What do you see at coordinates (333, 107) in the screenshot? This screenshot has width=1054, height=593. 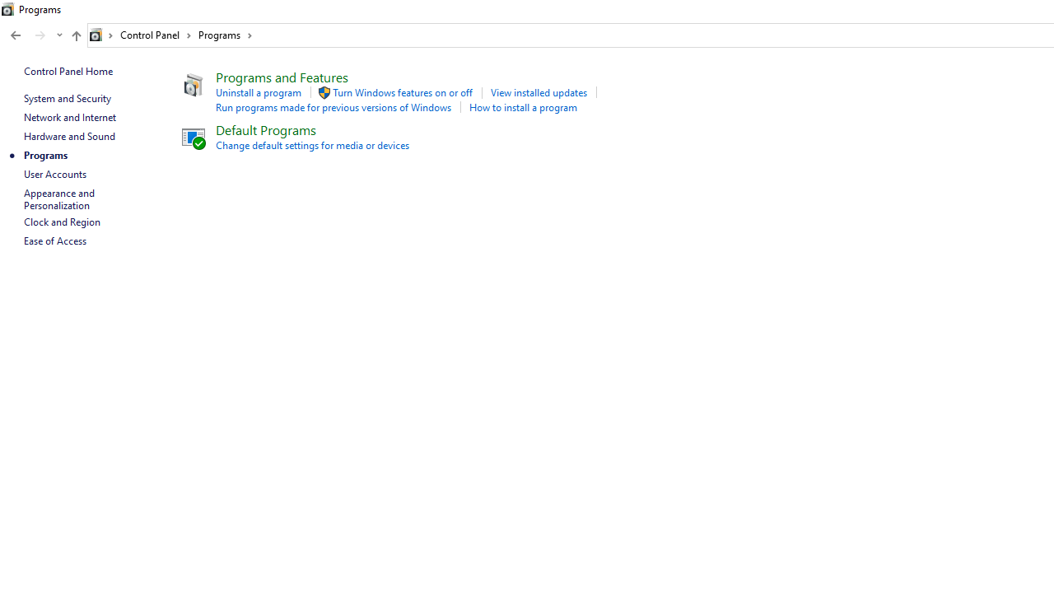 I see `'Run programs made for previous versions of Windows'` at bounding box center [333, 107].